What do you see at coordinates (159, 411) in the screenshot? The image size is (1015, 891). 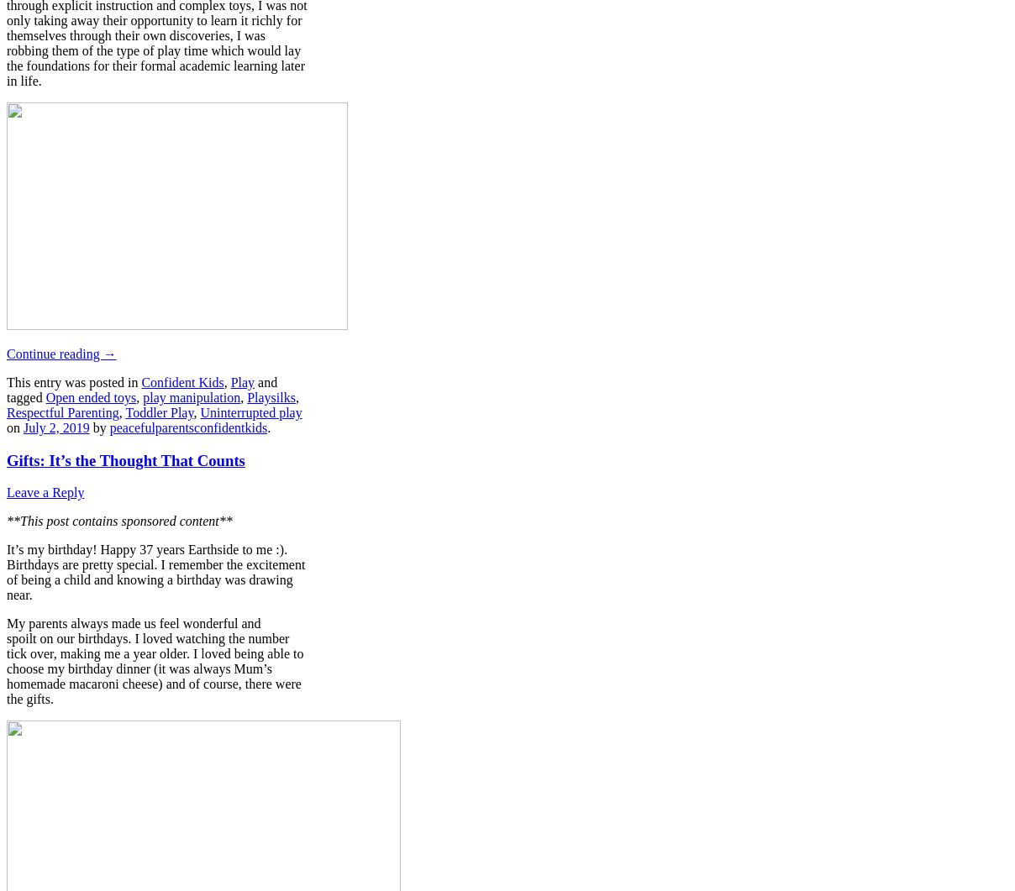 I see `'Toddler Play'` at bounding box center [159, 411].